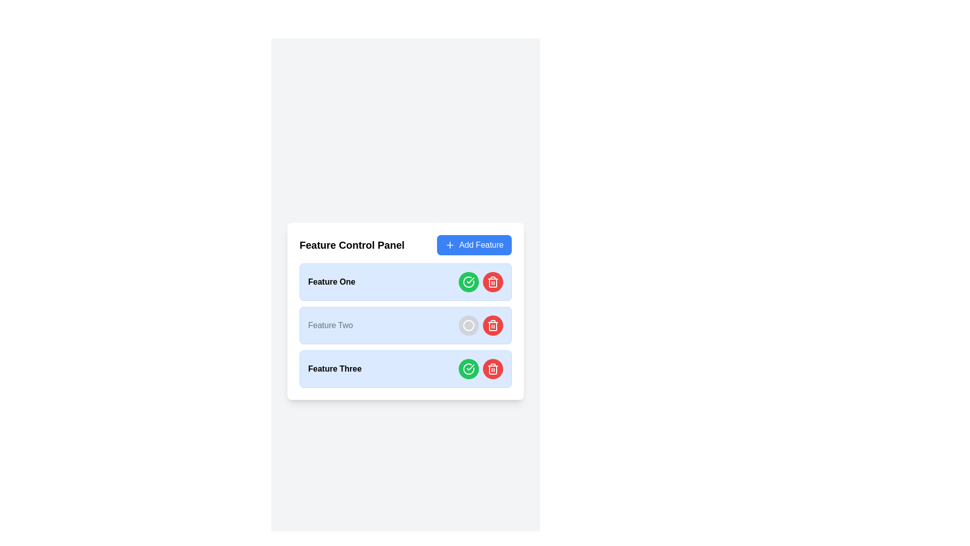 The width and height of the screenshot is (970, 546). What do you see at coordinates (468, 326) in the screenshot?
I see `the first radio button for 'Feature Two' located` at bounding box center [468, 326].